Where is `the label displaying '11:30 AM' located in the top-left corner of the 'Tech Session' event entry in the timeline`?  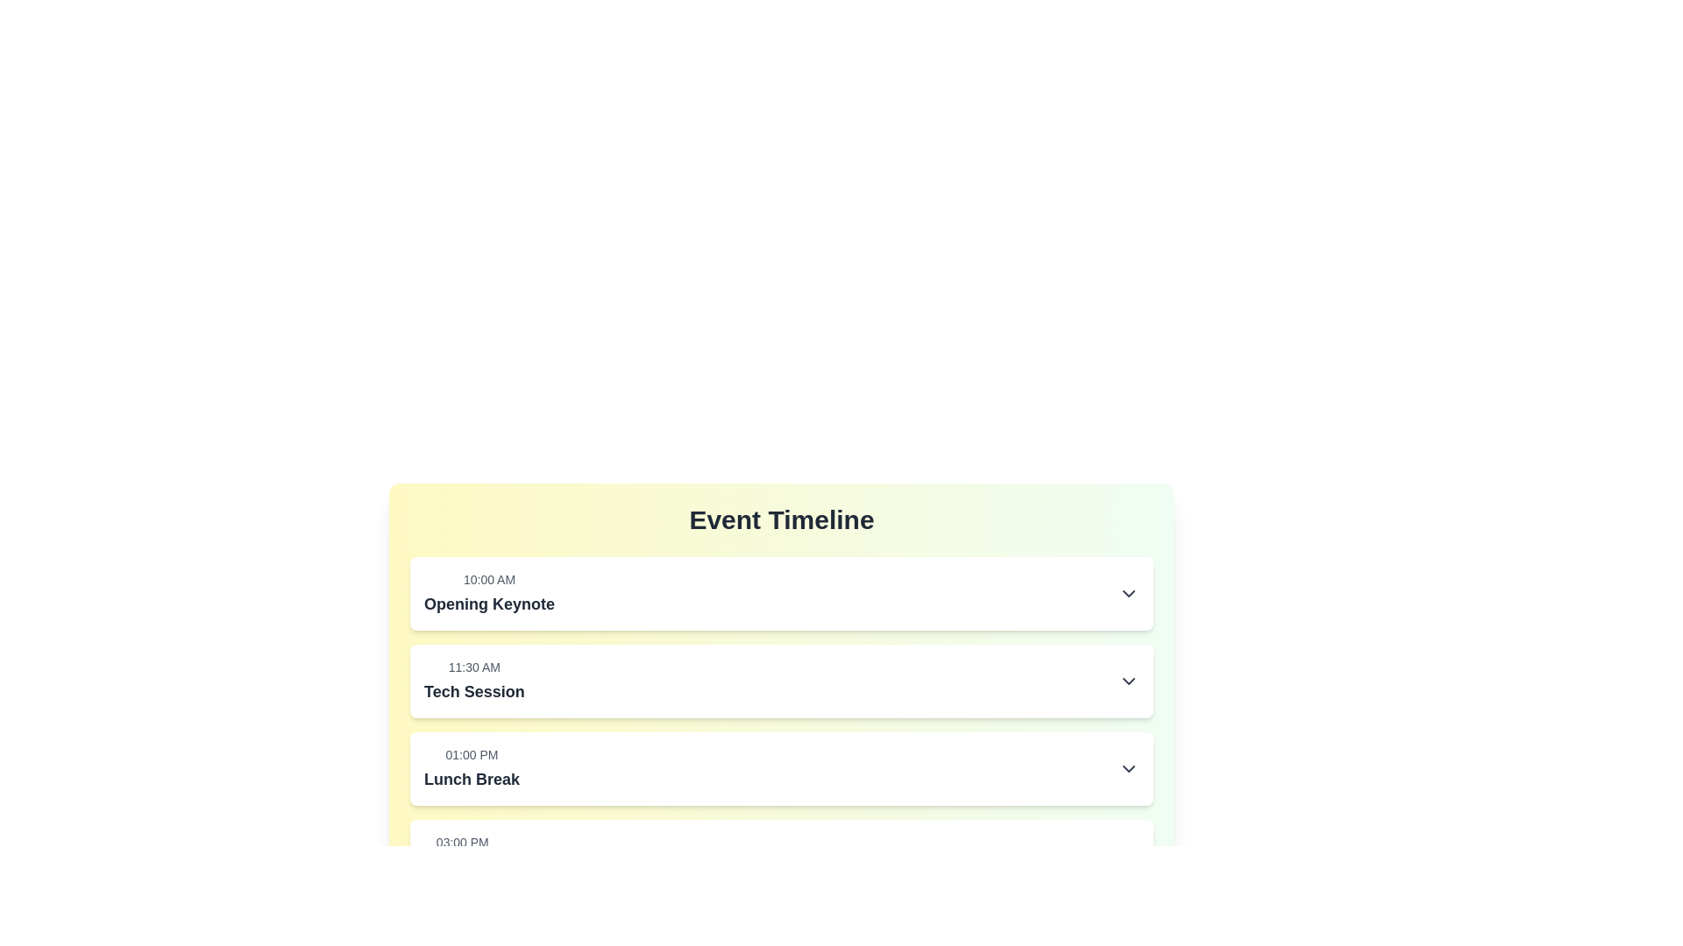
the label displaying '11:30 AM' located in the top-left corner of the 'Tech Session' event entry in the timeline is located at coordinates (474, 667).